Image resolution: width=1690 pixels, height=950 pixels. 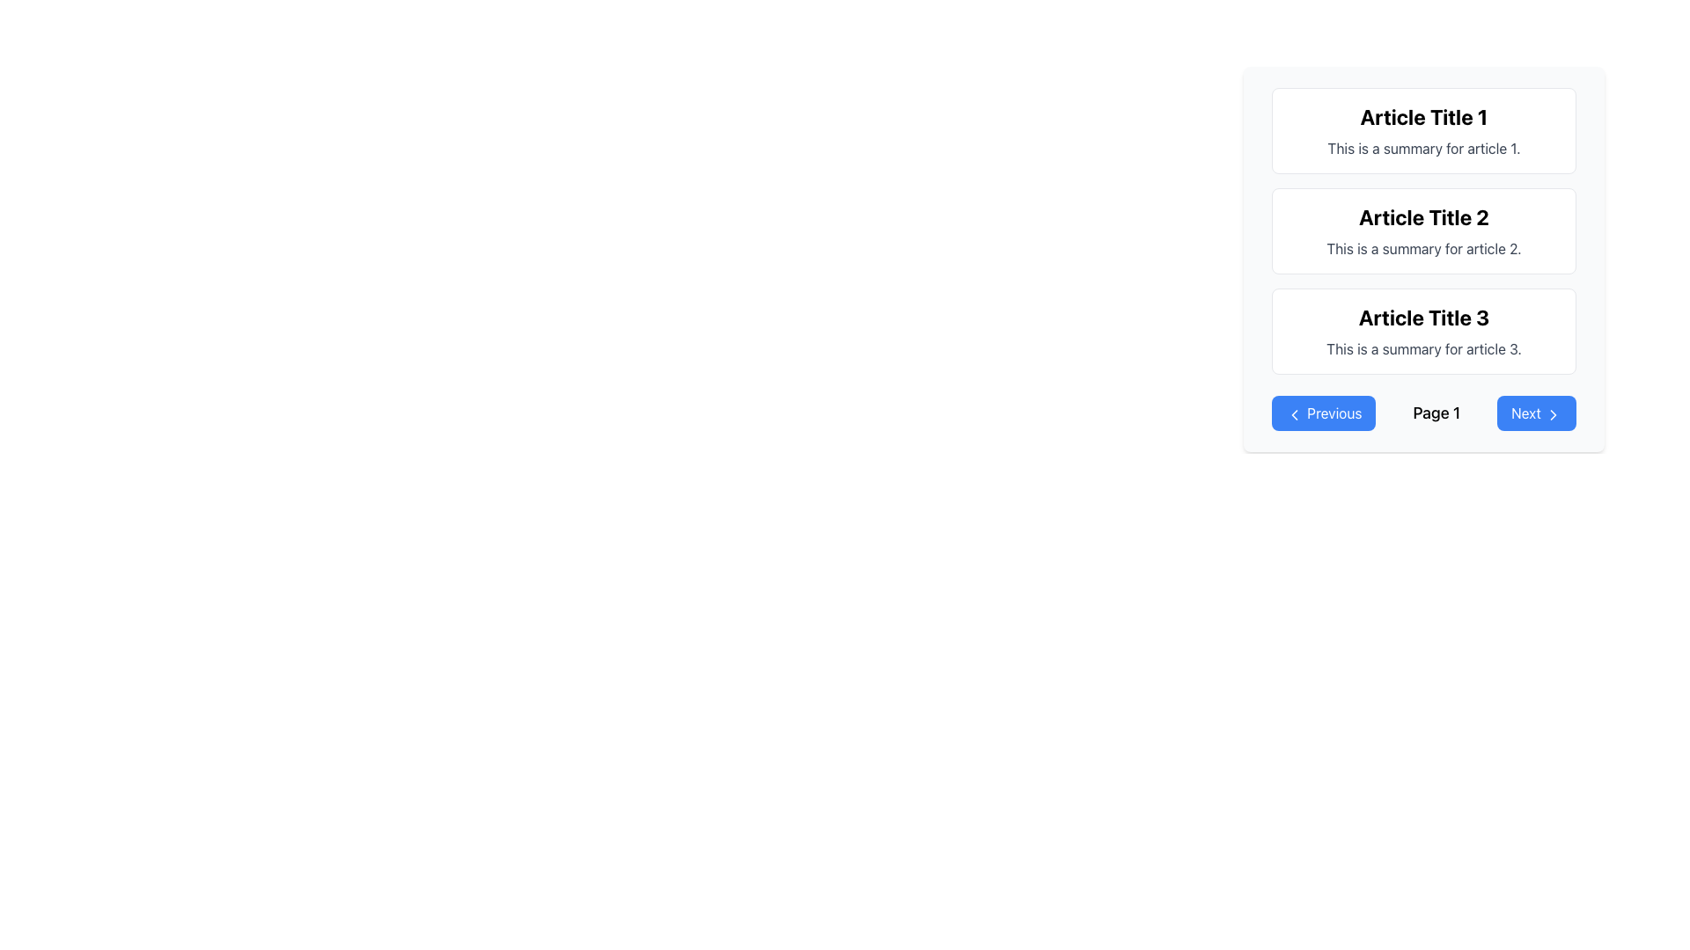 I want to click on 'Page 1' text label located between the 'Previous' and 'Next' buttons at the bottom of the interface, so click(x=1436, y=413).